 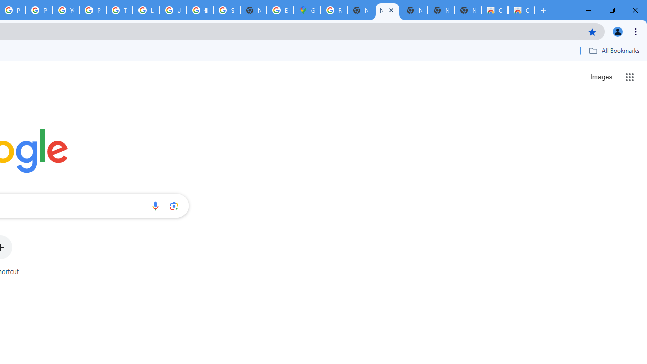 I want to click on 'Search for Images ', so click(x=601, y=77).